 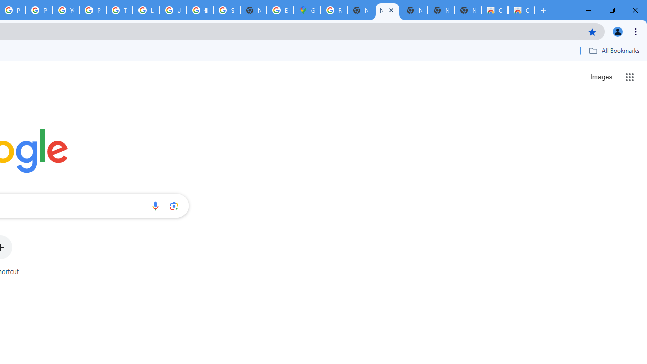 I want to click on 'Search for Images ', so click(x=601, y=77).